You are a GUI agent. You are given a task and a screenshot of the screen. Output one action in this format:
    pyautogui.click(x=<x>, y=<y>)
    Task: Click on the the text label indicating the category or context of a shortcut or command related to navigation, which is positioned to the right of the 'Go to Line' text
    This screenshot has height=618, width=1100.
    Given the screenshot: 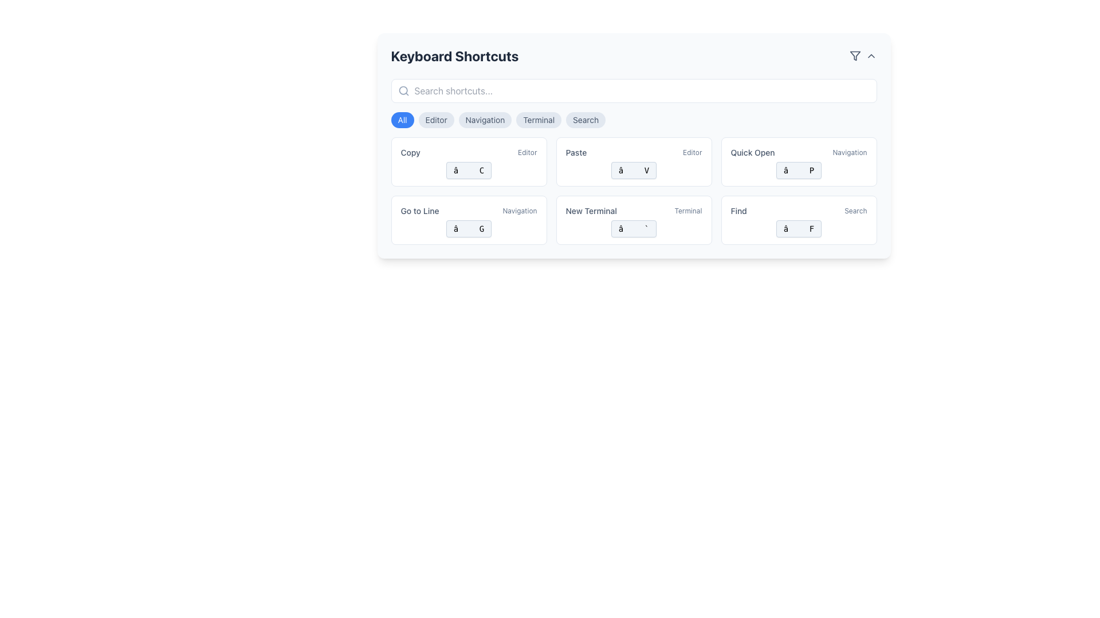 What is the action you would take?
    pyautogui.click(x=519, y=211)
    